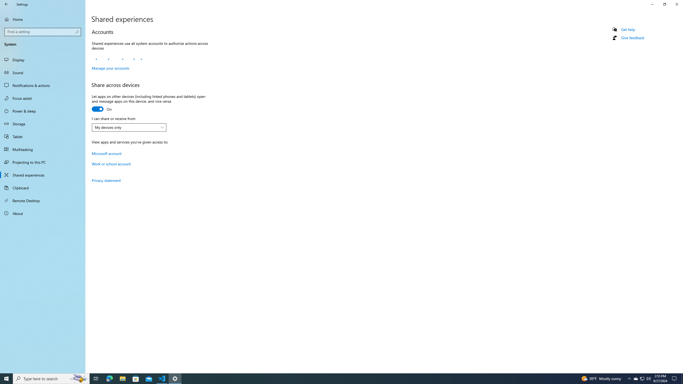 The image size is (683, 384). What do you see at coordinates (6, 4) in the screenshot?
I see `'Back'` at bounding box center [6, 4].